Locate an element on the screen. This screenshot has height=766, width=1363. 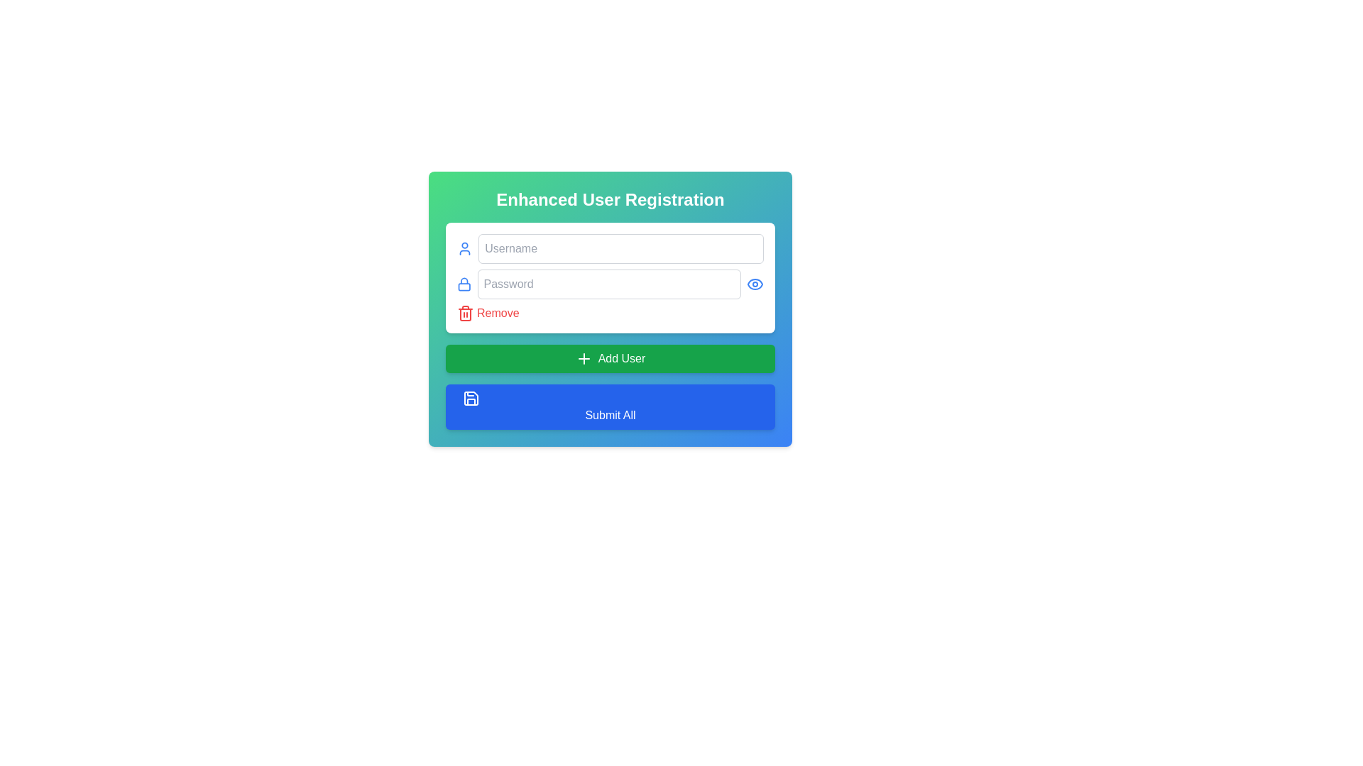
the 'Add User' button located below the 'Remove' button and above the 'Submit All' button is located at coordinates (610, 357).